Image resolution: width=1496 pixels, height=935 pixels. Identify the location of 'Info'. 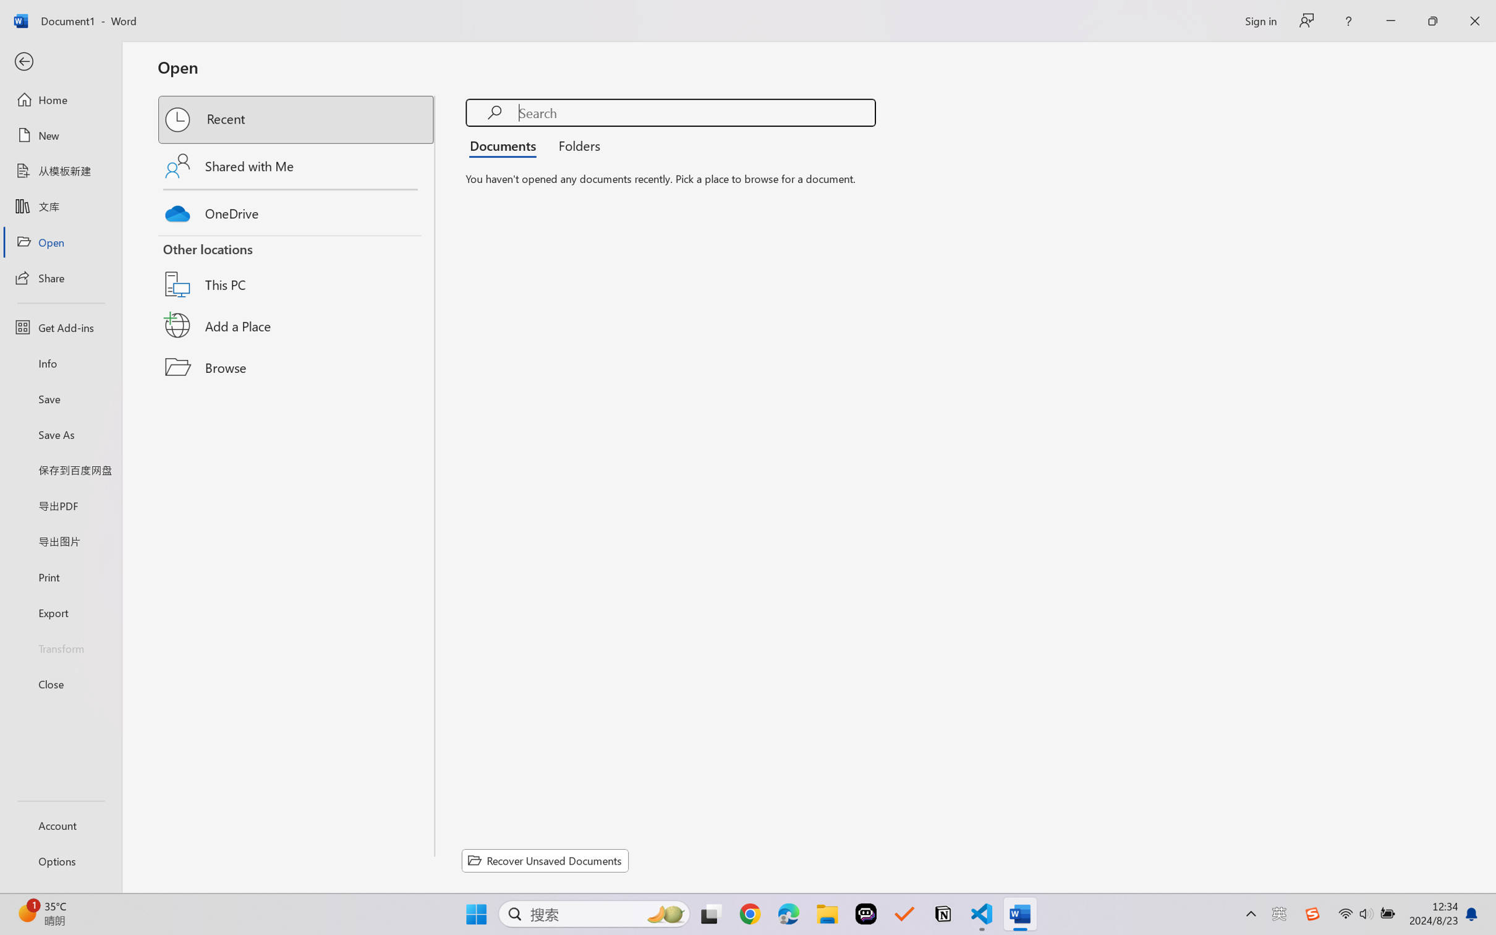
(60, 362).